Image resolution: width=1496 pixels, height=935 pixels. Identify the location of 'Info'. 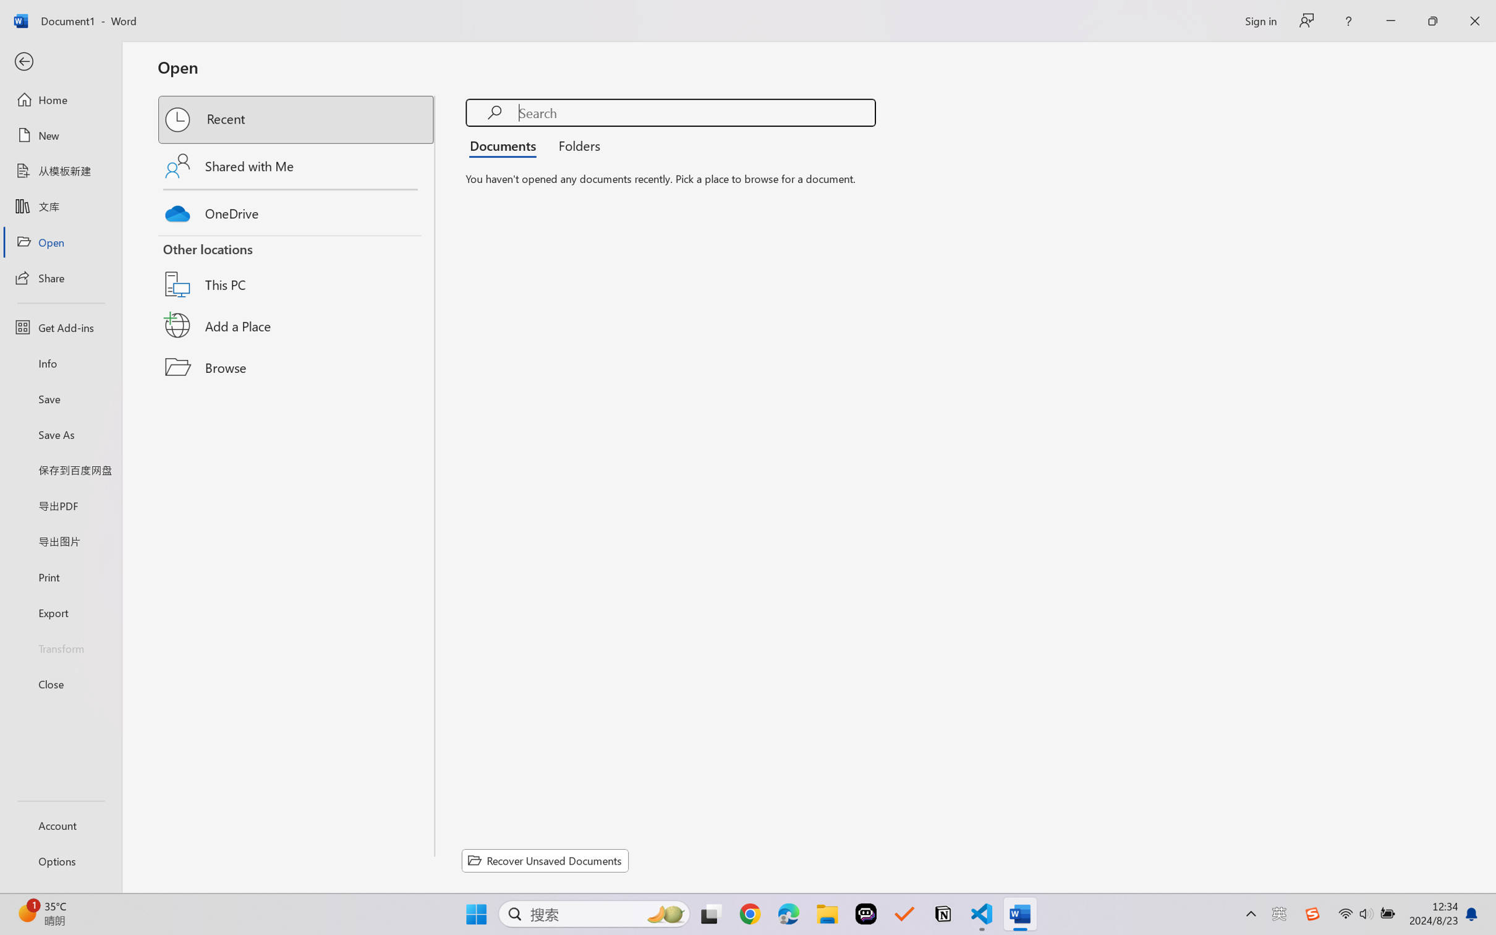
(60, 362).